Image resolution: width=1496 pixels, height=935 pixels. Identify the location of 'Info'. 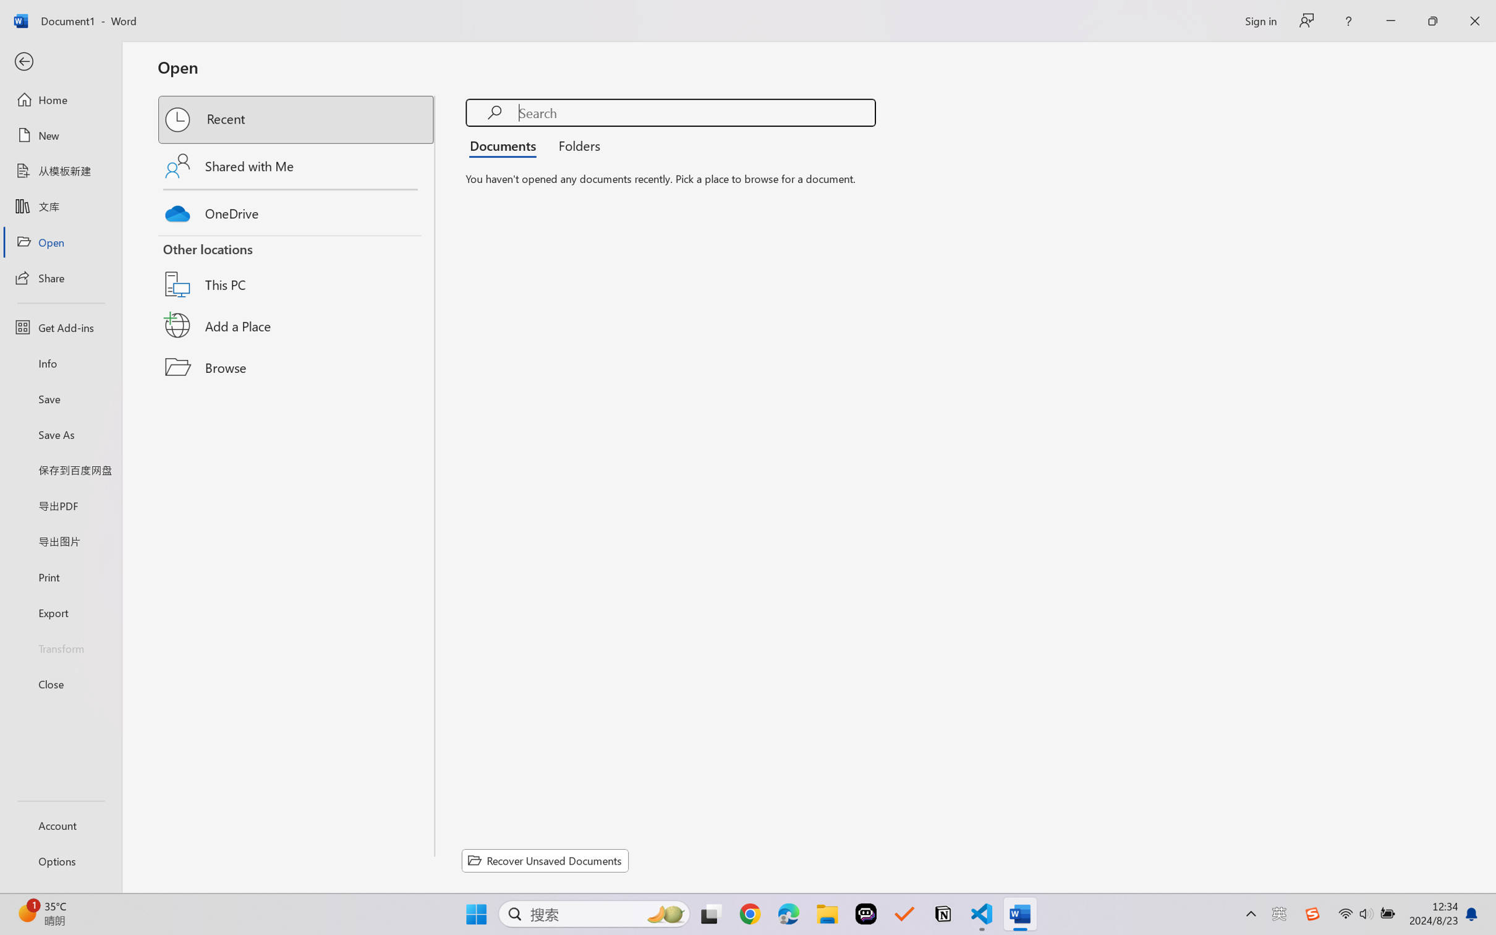
(60, 362).